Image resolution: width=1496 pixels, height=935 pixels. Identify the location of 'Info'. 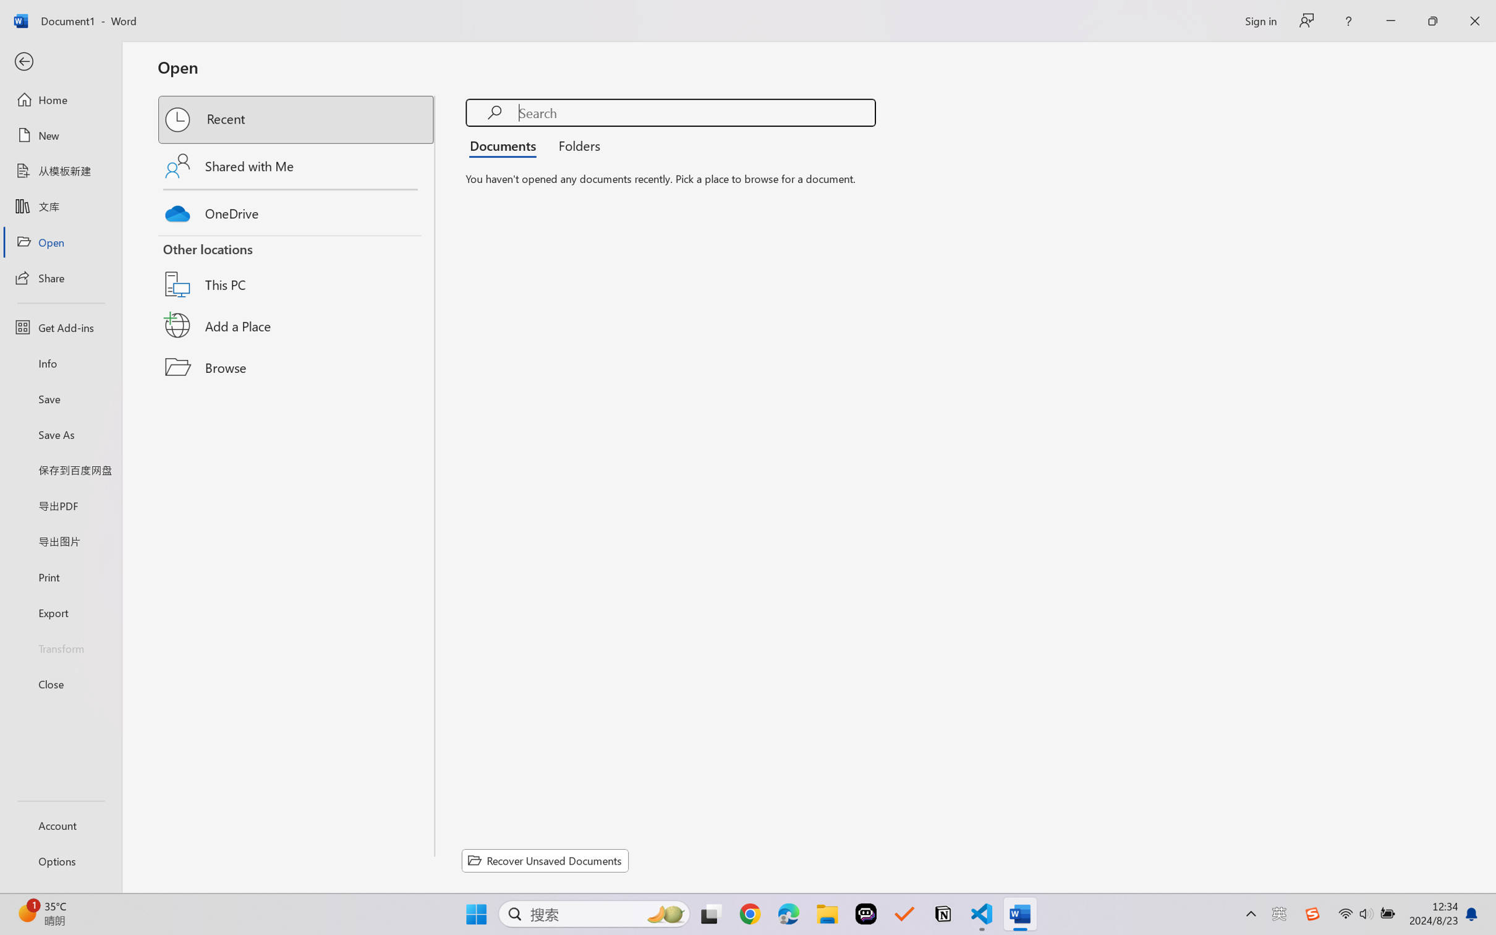
(60, 362).